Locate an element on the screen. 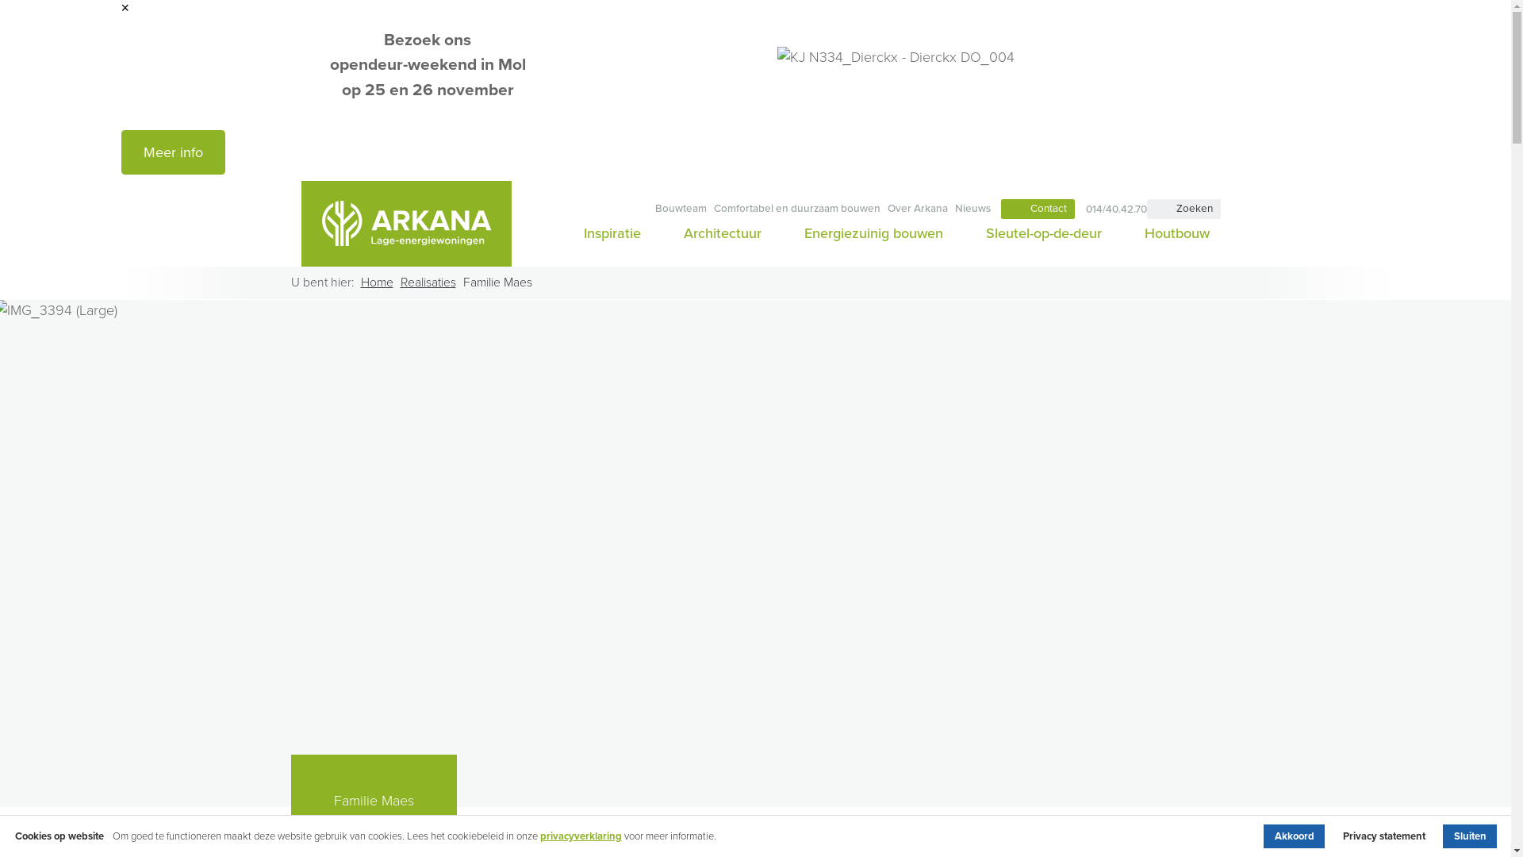 The width and height of the screenshot is (1523, 857). 'Sleutel-op-de-deur' is located at coordinates (1044, 233).